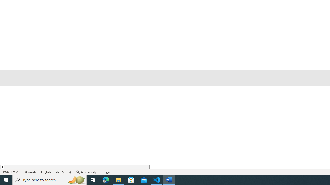 The height and width of the screenshot is (185, 330). I want to click on 'Language English (United States)', so click(56, 172).